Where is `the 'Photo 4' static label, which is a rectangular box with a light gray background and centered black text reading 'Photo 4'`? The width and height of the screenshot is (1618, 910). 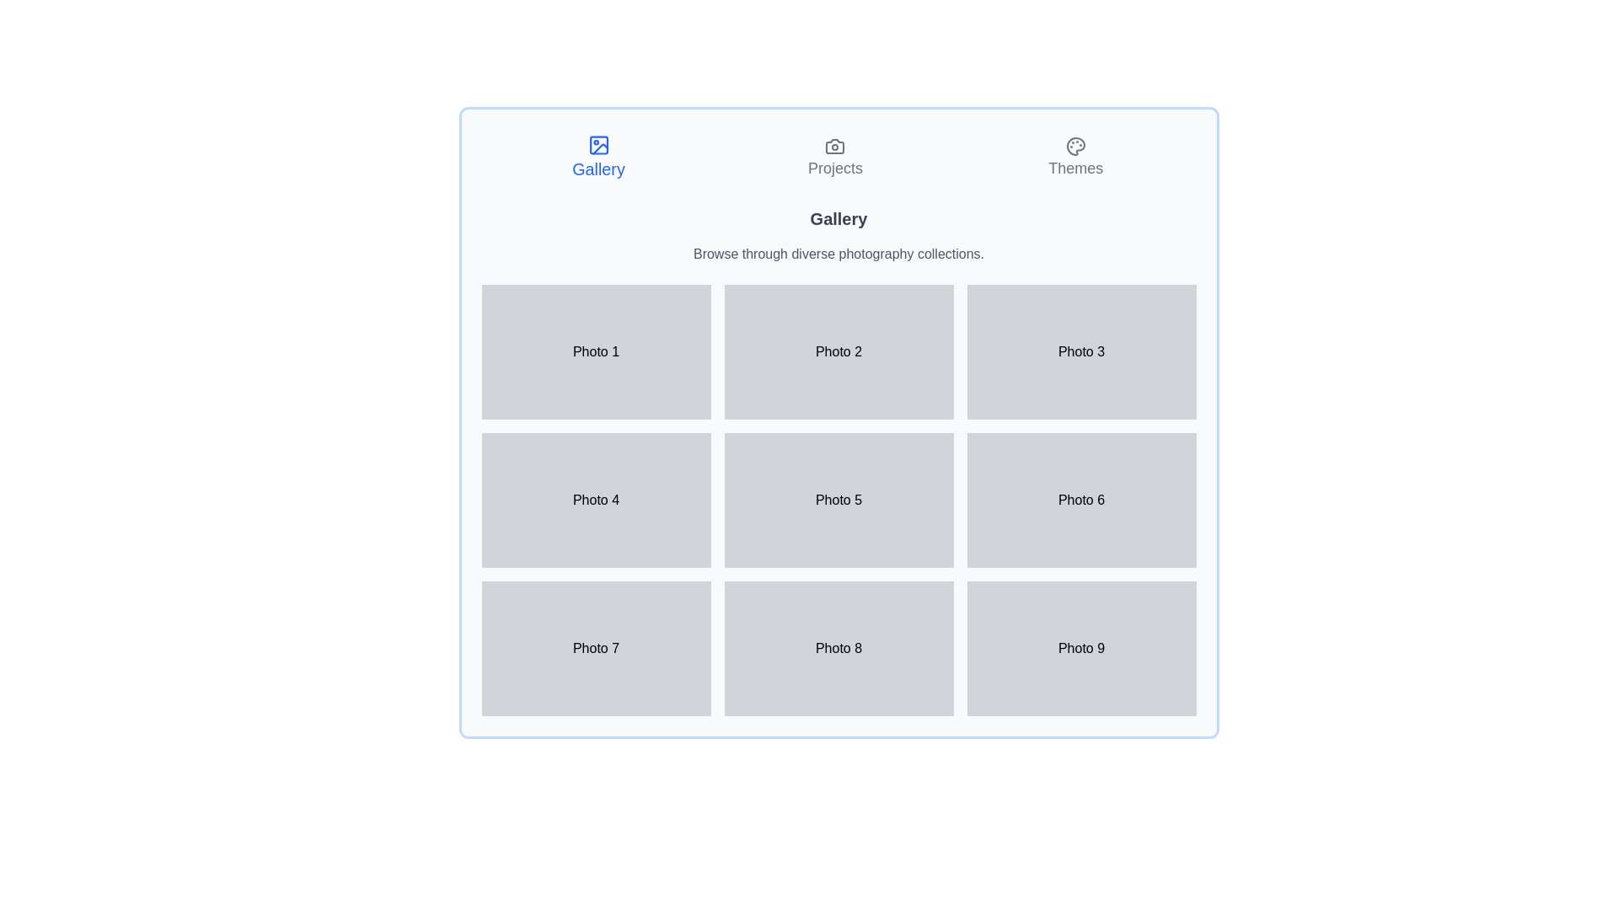
the 'Photo 4' static label, which is a rectangular box with a light gray background and centered black text reading 'Photo 4' is located at coordinates (596, 500).